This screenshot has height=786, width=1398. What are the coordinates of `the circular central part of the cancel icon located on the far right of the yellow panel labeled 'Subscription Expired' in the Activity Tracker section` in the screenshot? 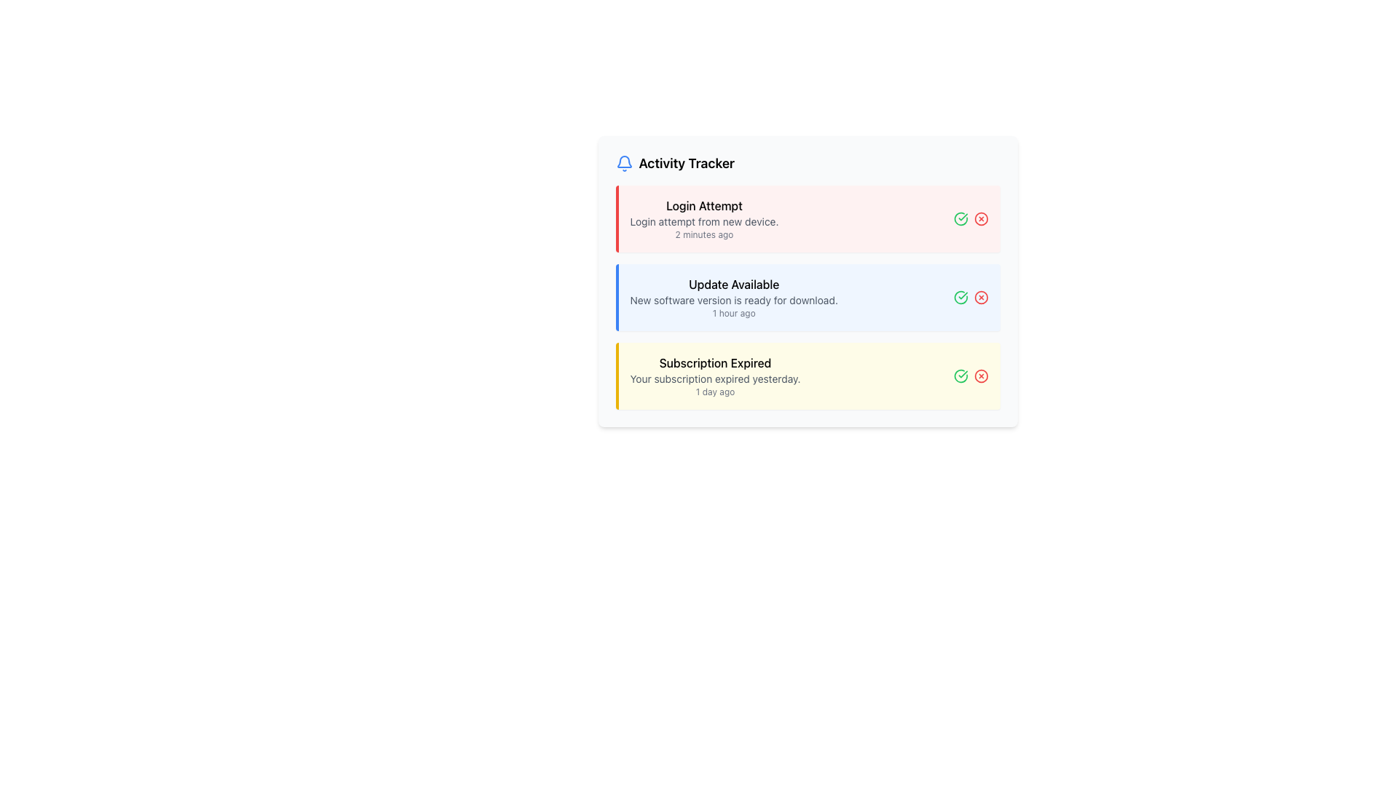 It's located at (981, 375).